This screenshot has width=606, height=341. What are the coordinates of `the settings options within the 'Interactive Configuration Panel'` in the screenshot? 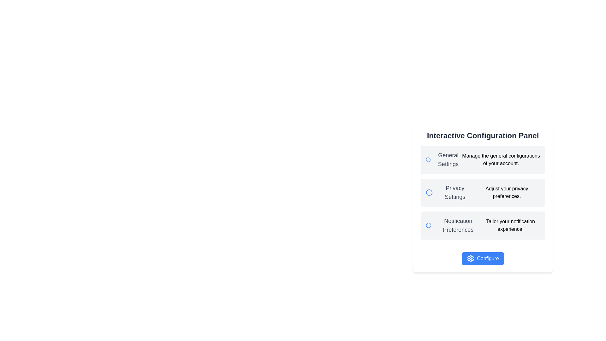 It's located at (483, 197).